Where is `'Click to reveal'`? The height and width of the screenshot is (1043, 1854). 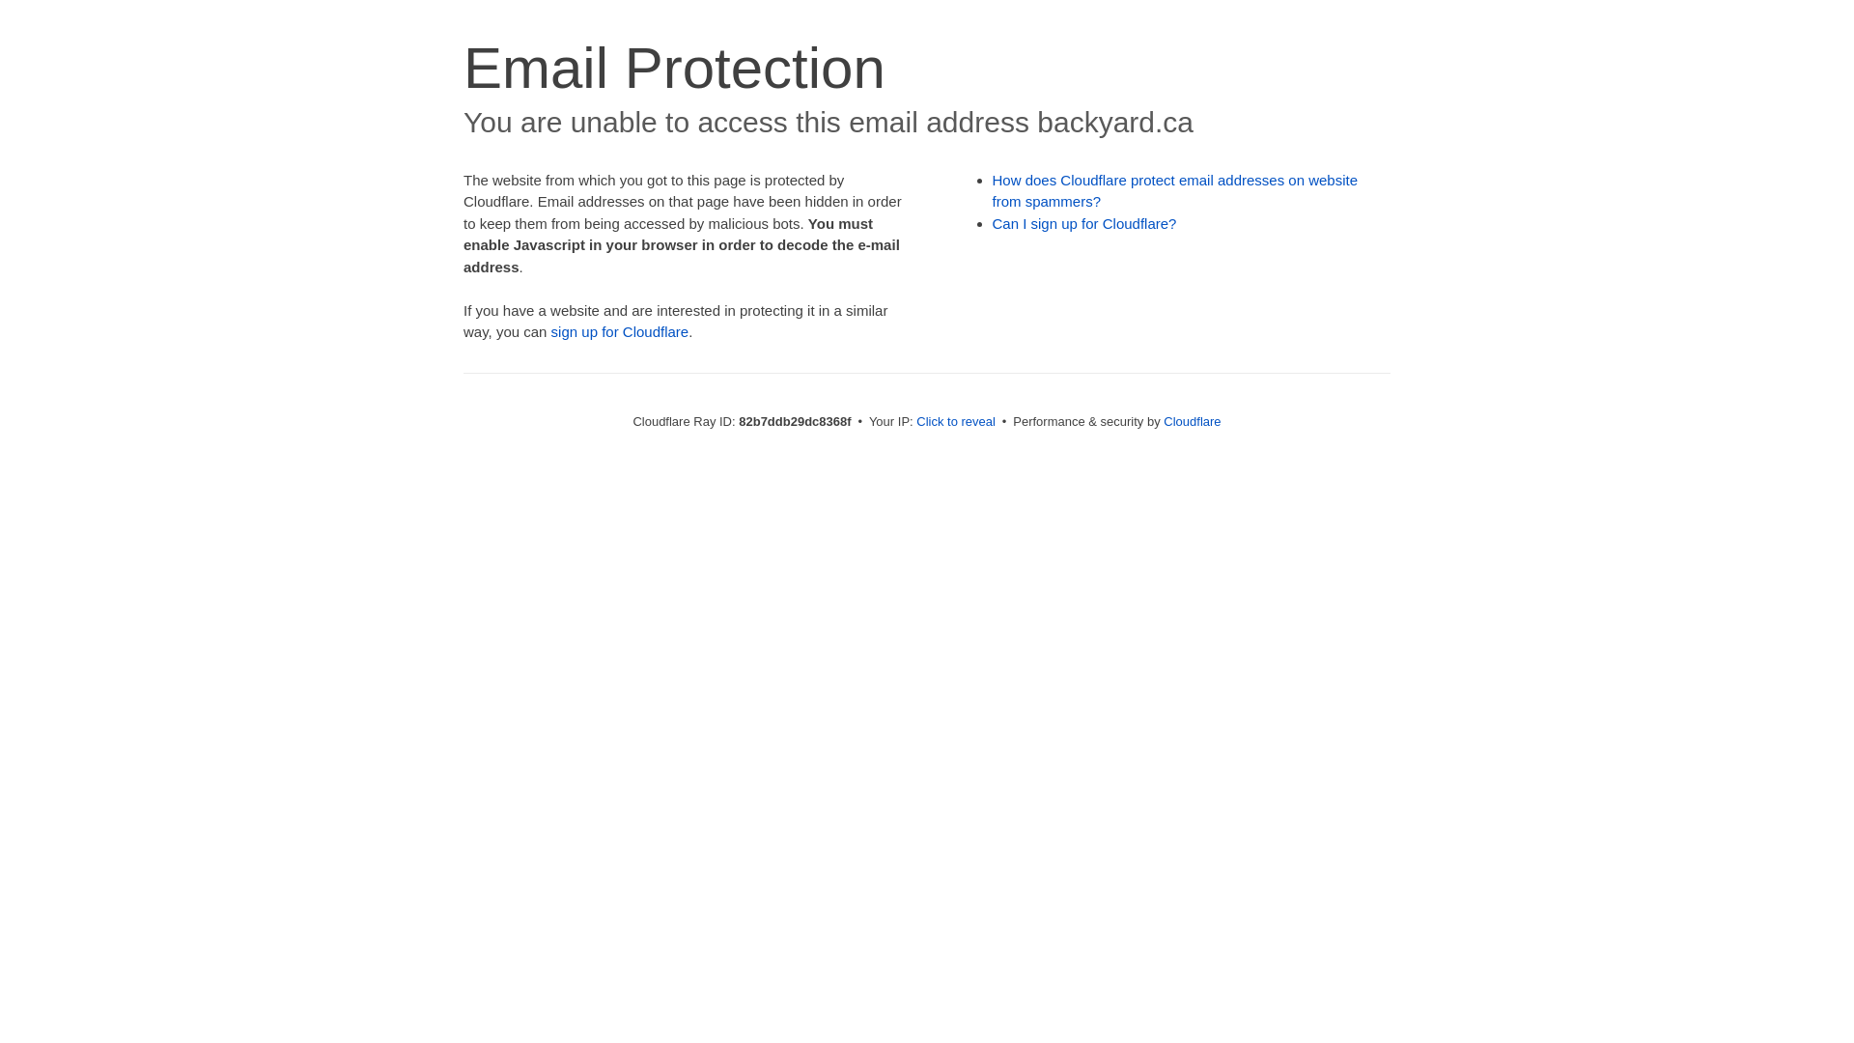 'Click to reveal' is located at coordinates (955, 420).